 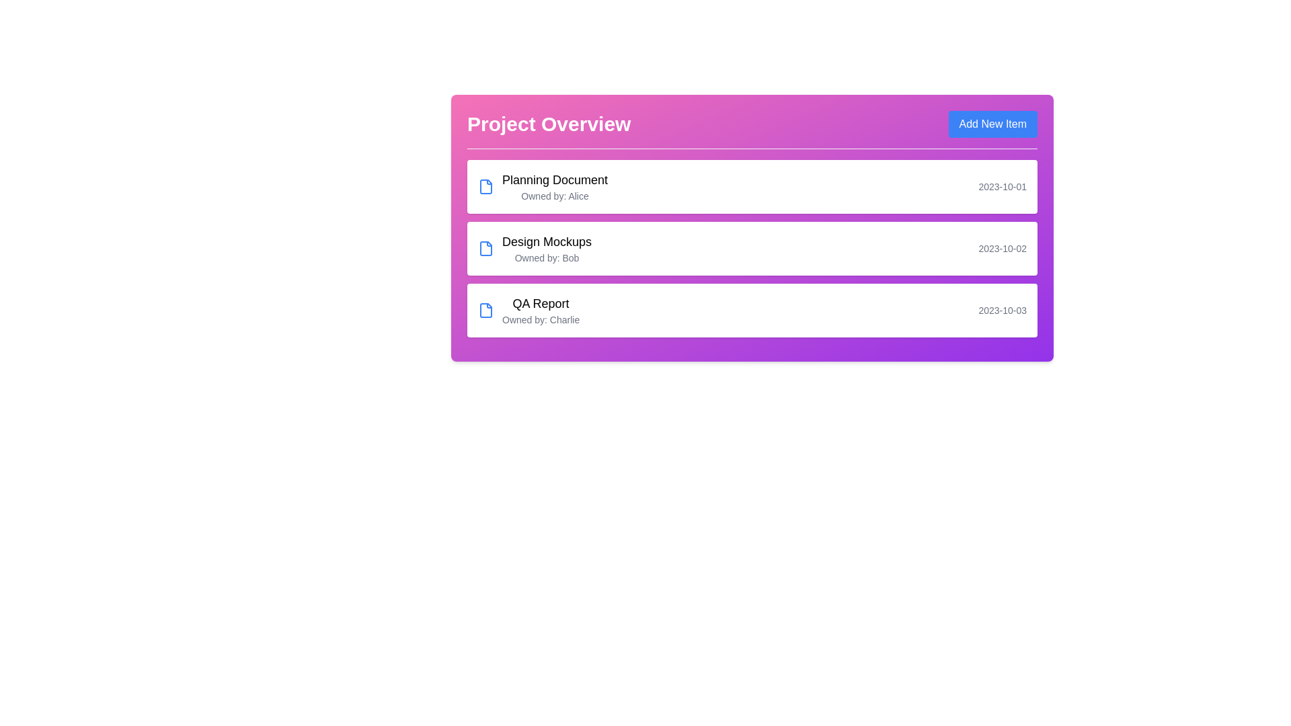 What do you see at coordinates (485, 186) in the screenshot?
I see `the blue outlined icon resembling a file document located at the top left corner of the 'Planning Document' entry in the vertical list under 'Project Overview'` at bounding box center [485, 186].